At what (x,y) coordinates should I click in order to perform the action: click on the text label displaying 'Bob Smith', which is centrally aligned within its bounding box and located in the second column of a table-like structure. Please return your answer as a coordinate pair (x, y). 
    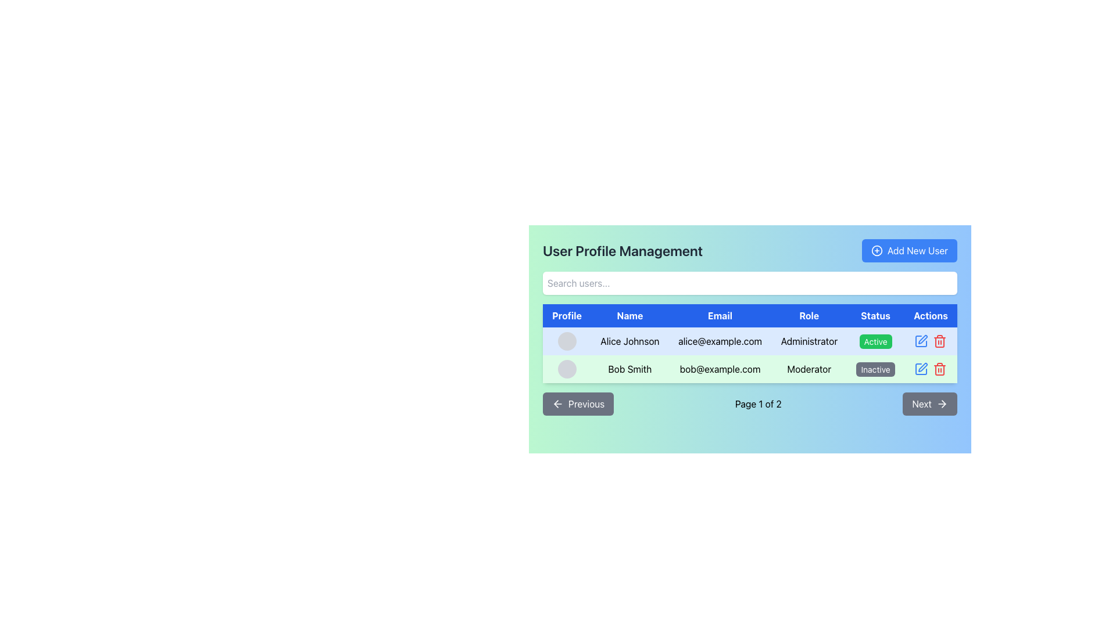
    Looking at the image, I should click on (629, 369).